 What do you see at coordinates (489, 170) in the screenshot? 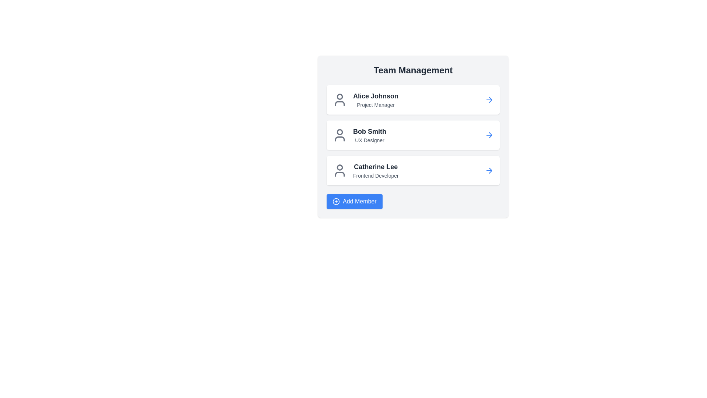
I see `the rightward-pointing blue arrow icon button located to the right of the text 'Catherine Lee Frontend Developer' in the last card of the team members list` at bounding box center [489, 170].